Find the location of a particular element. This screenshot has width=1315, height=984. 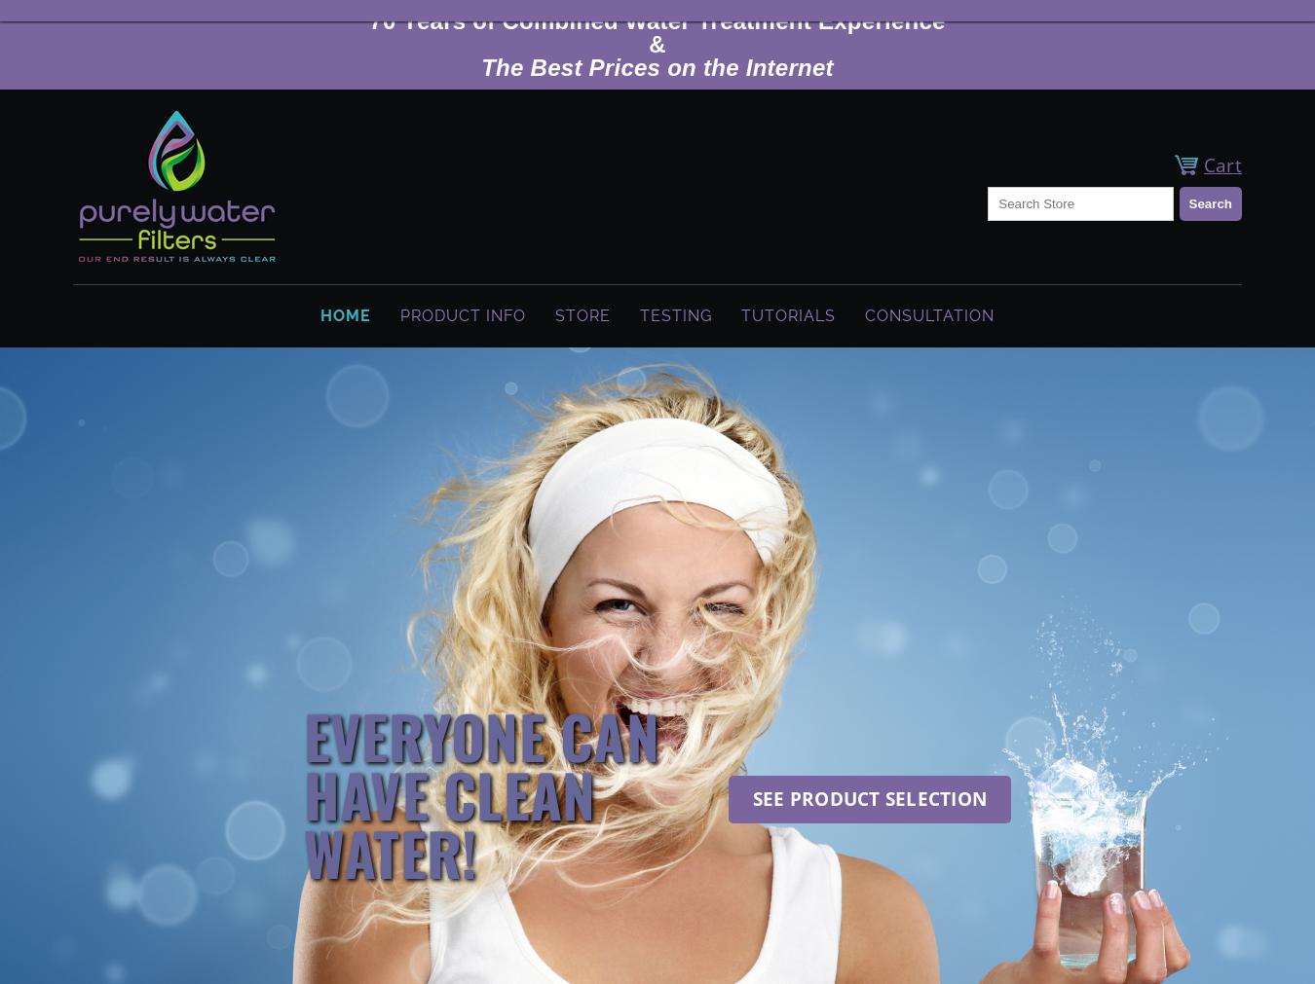

'Cart' is located at coordinates (1221, 164).